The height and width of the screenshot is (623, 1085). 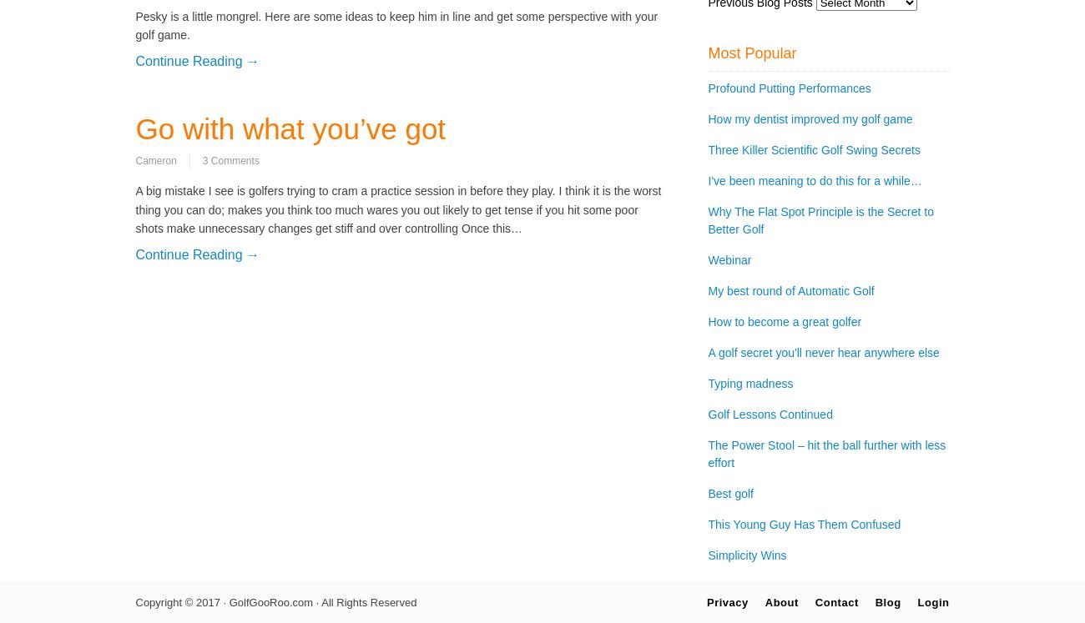 I want to click on 'Profound Putting Performances', so click(x=789, y=88).